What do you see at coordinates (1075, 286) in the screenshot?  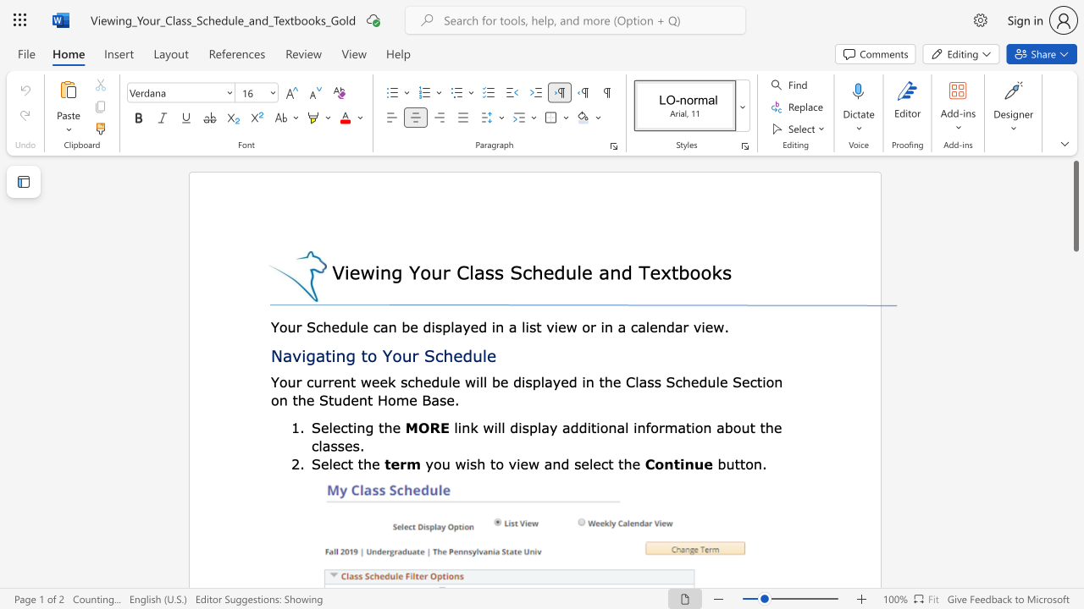 I see `the scrollbar to move the page down` at bounding box center [1075, 286].